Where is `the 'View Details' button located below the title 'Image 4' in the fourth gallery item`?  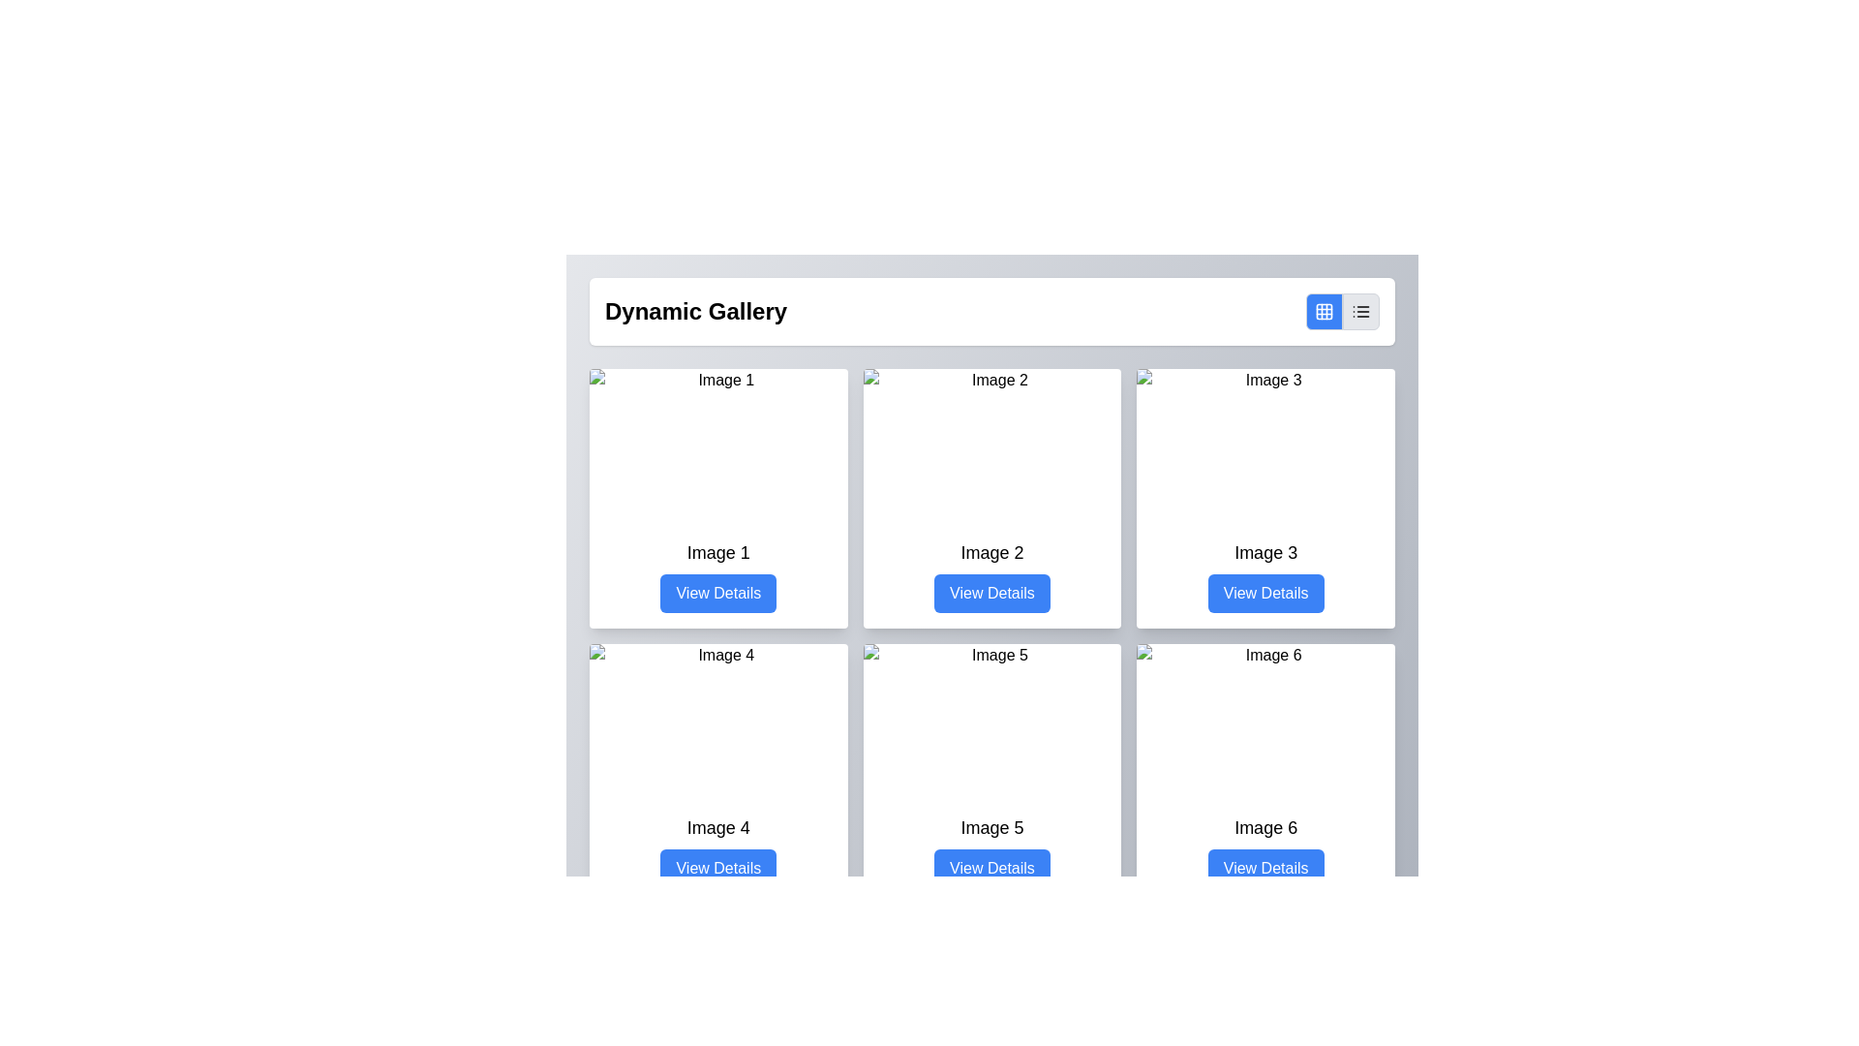 the 'View Details' button located below the title 'Image 4' in the fourth gallery item is located at coordinates (717, 850).